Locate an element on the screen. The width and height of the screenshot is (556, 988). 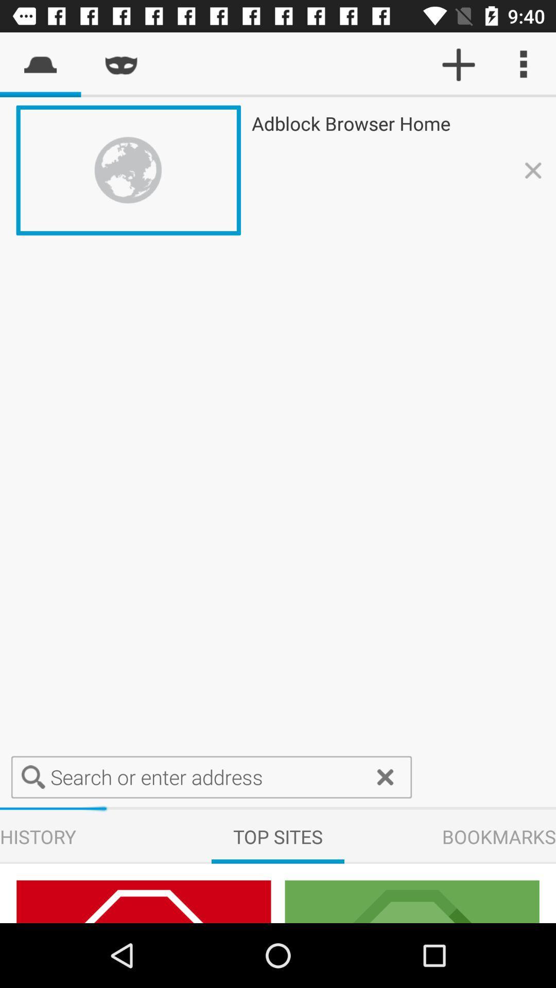
the image which is before adblock browser home is located at coordinates (128, 170).